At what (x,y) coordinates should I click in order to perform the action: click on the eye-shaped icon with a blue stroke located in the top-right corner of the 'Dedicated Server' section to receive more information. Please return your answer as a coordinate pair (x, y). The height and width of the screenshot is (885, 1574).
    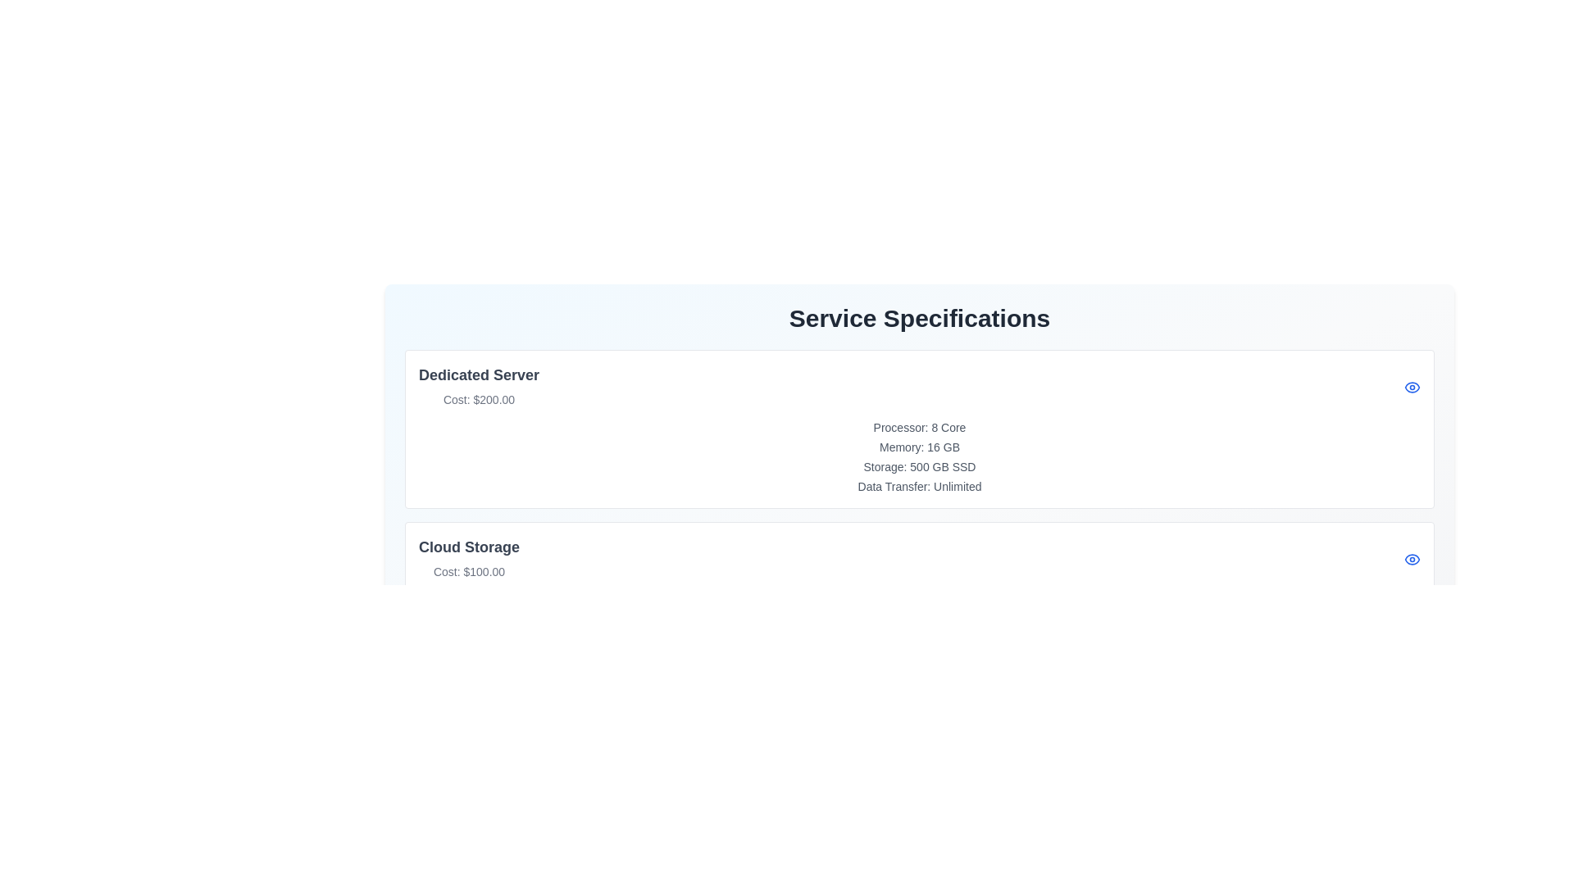
    Looking at the image, I should click on (1412, 386).